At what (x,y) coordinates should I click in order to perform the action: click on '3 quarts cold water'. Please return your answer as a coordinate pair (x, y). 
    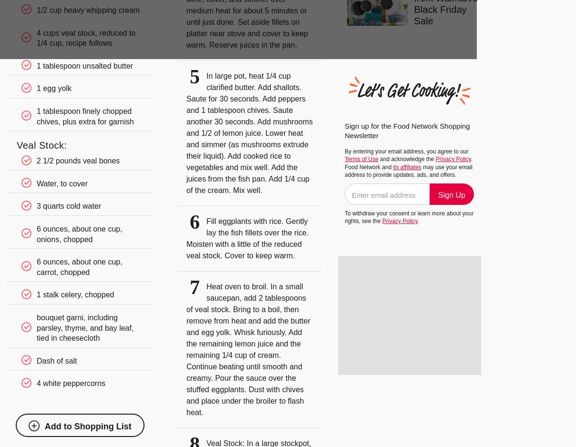
    Looking at the image, I should click on (36, 206).